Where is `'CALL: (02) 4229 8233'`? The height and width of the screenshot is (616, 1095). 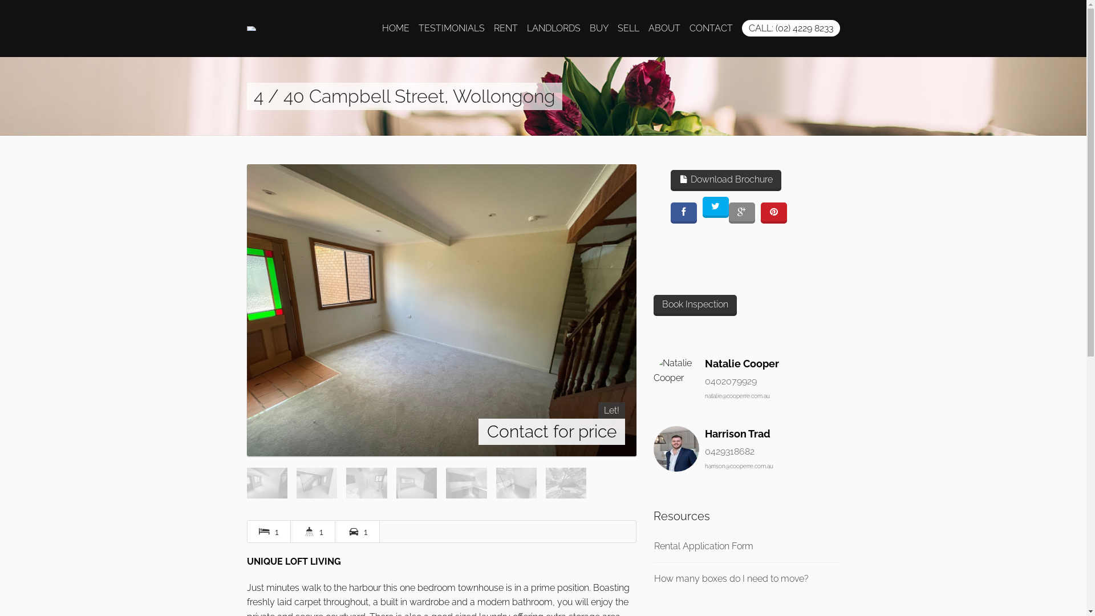
'CALL: (02) 4229 8233' is located at coordinates (741, 27).